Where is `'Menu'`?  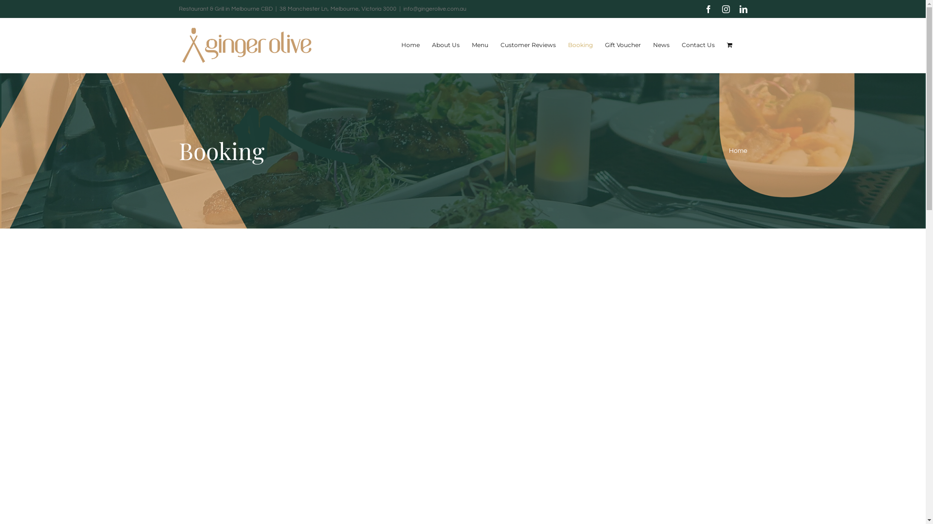
'Menu' is located at coordinates (480, 45).